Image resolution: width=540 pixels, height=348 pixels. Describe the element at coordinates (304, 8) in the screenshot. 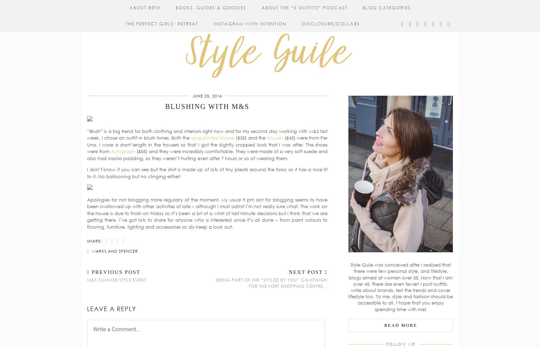

I see `'About The “5 Outfits” Podcast'` at that location.